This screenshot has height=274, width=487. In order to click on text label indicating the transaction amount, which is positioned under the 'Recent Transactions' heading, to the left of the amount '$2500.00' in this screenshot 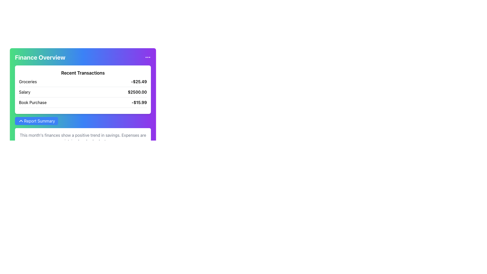, I will do `click(24, 92)`.